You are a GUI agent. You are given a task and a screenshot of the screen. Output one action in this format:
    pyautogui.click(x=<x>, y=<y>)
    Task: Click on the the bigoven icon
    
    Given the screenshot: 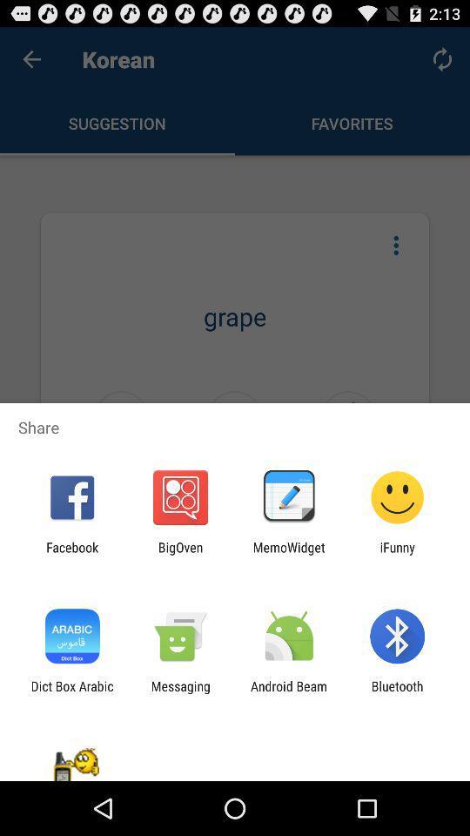 What is the action you would take?
    pyautogui.click(x=179, y=554)
    